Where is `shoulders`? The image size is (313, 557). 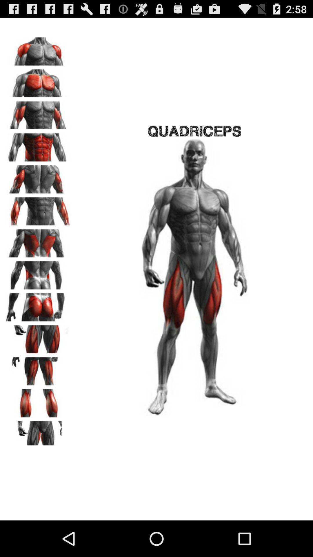
shoulders is located at coordinates (38, 49).